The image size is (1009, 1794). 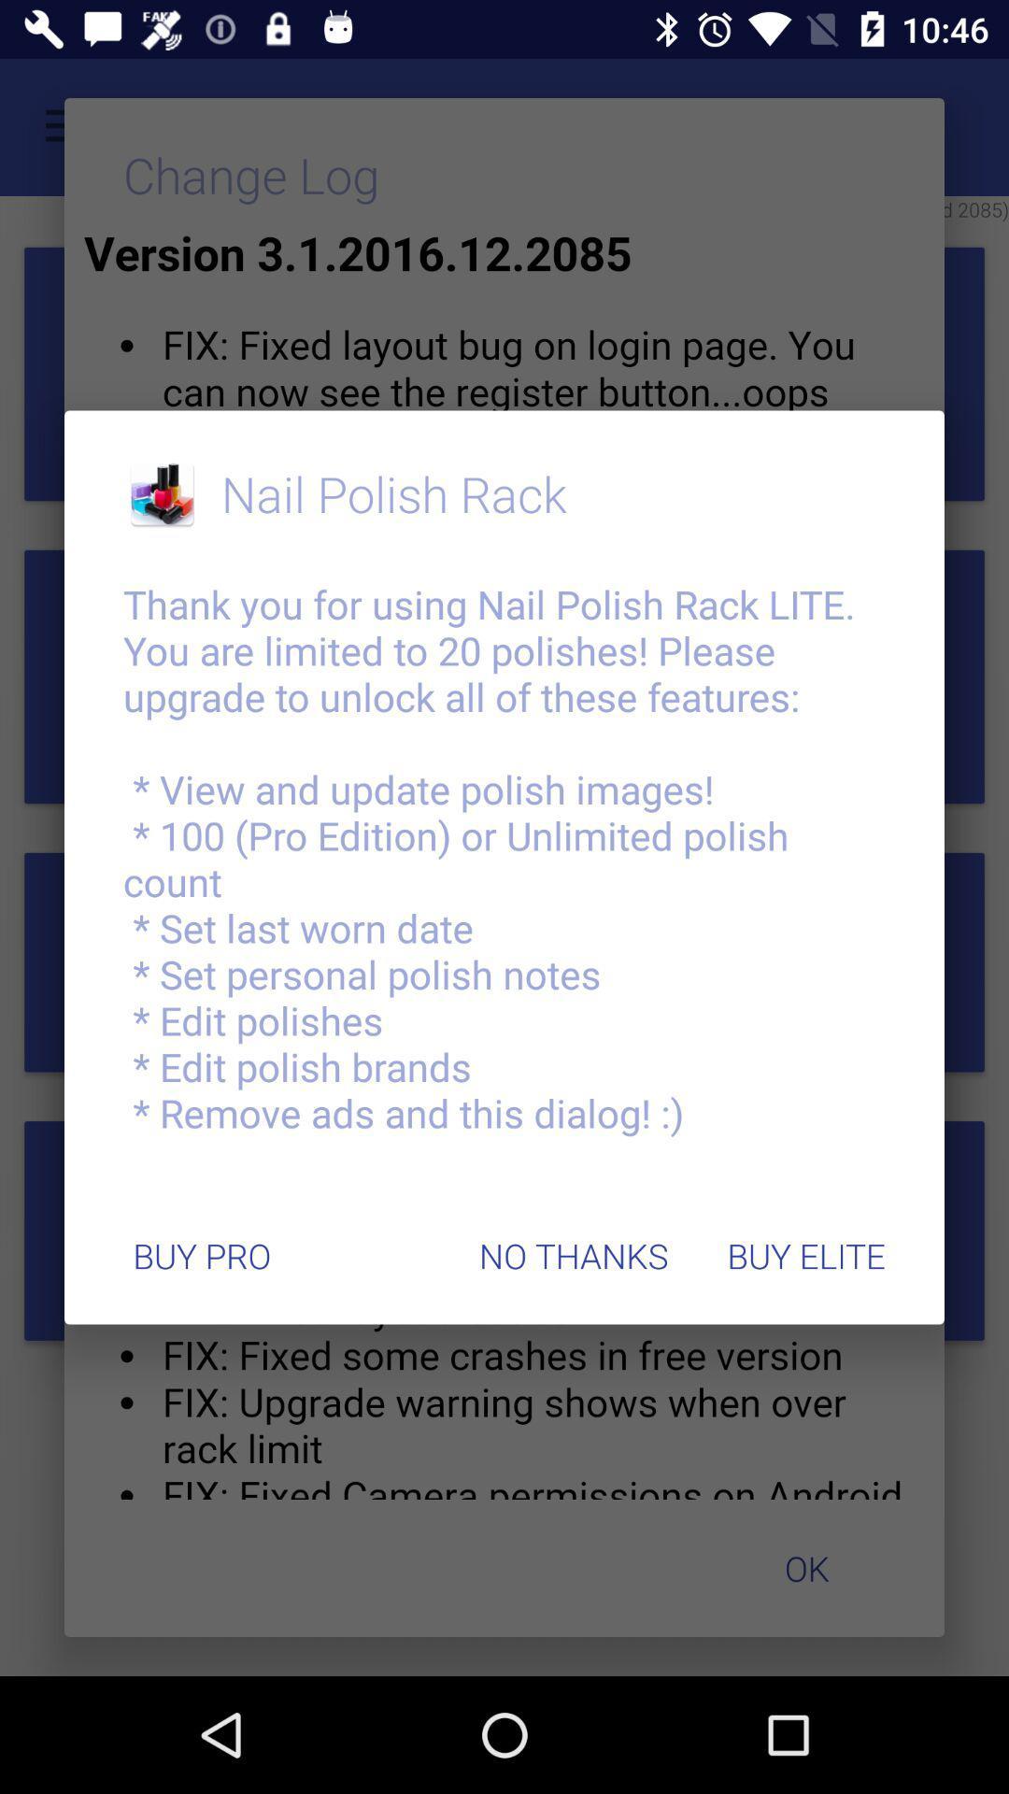 I want to click on the icon next to the no thanks item, so click(x=805, y=1256).